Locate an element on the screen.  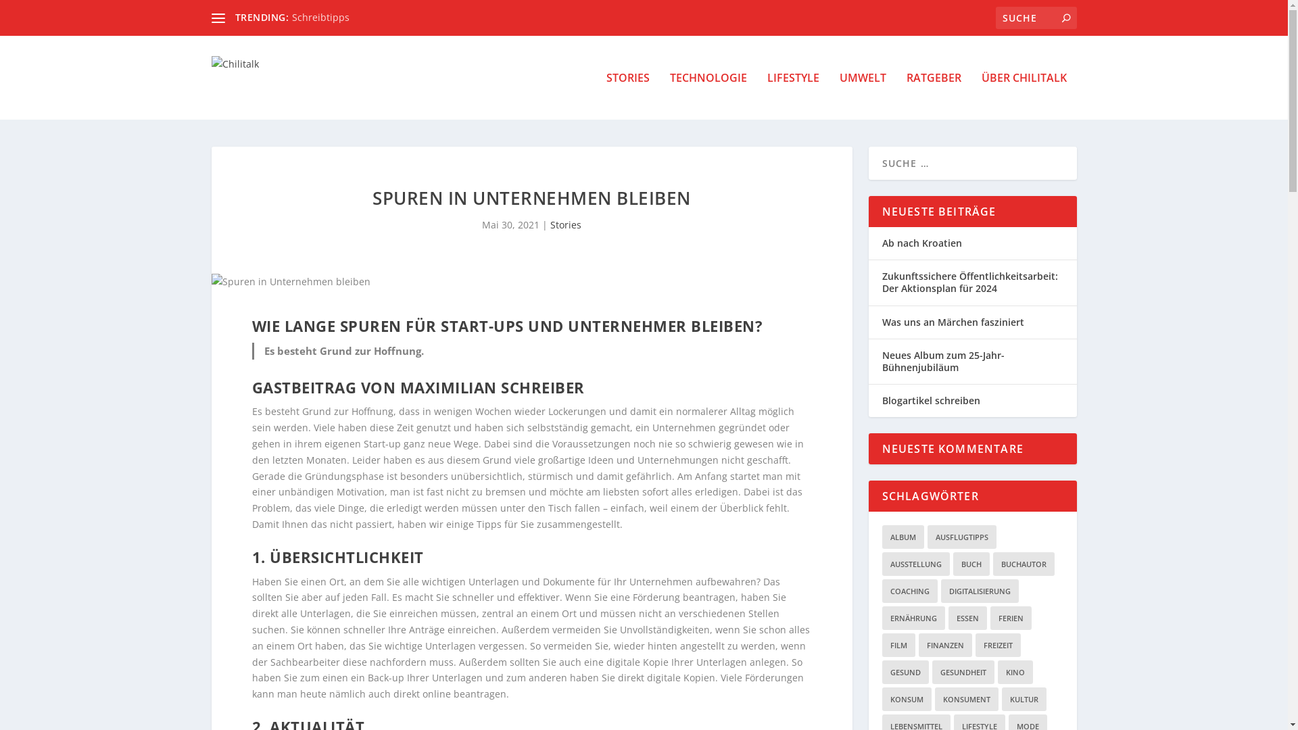
'GESUNDHEIT' is located at coordinates (962, 672).